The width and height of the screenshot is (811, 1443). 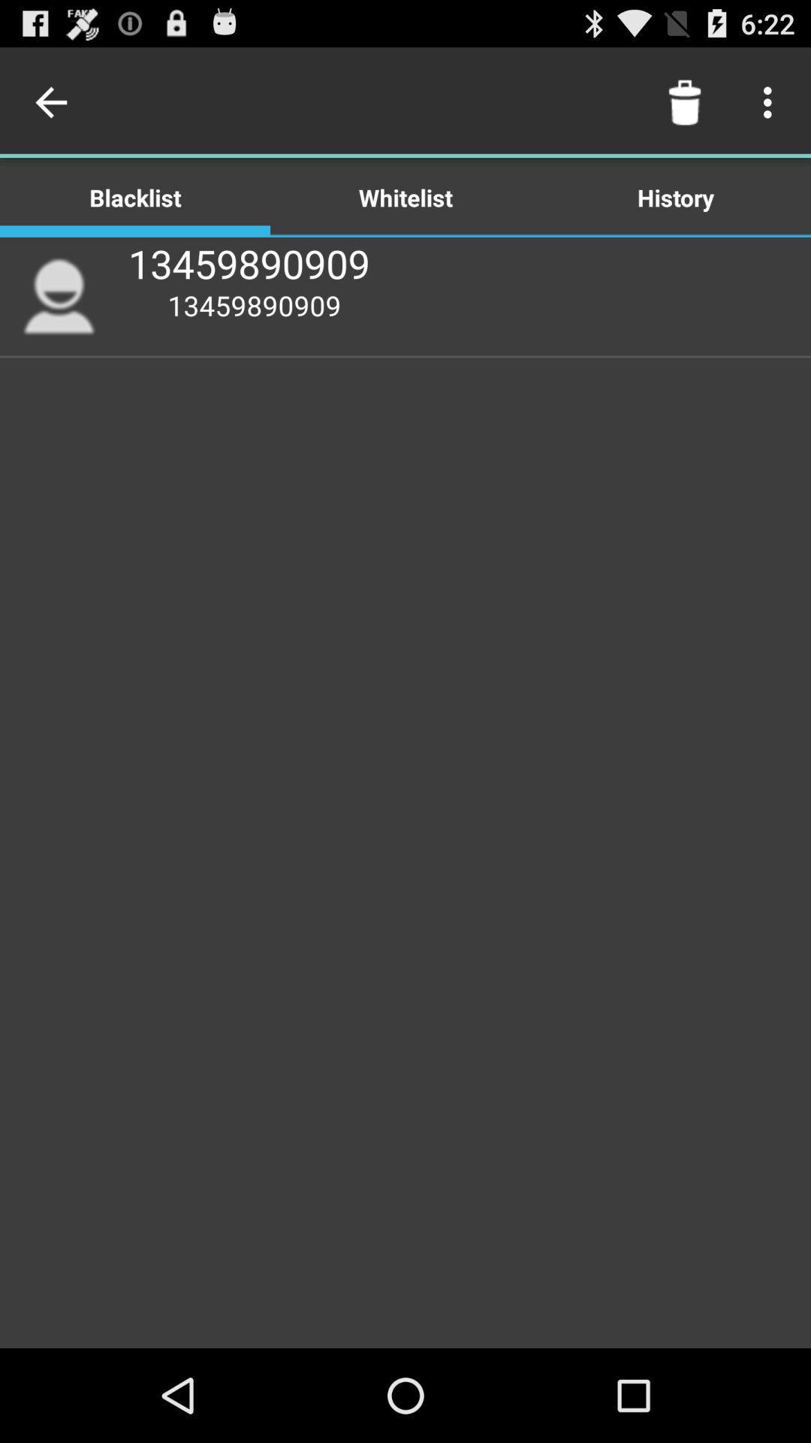 What do you see at coordinates (684, 101) in the screenshot?
I see `the item next to the whitelist` at bounding box center [684, 101].